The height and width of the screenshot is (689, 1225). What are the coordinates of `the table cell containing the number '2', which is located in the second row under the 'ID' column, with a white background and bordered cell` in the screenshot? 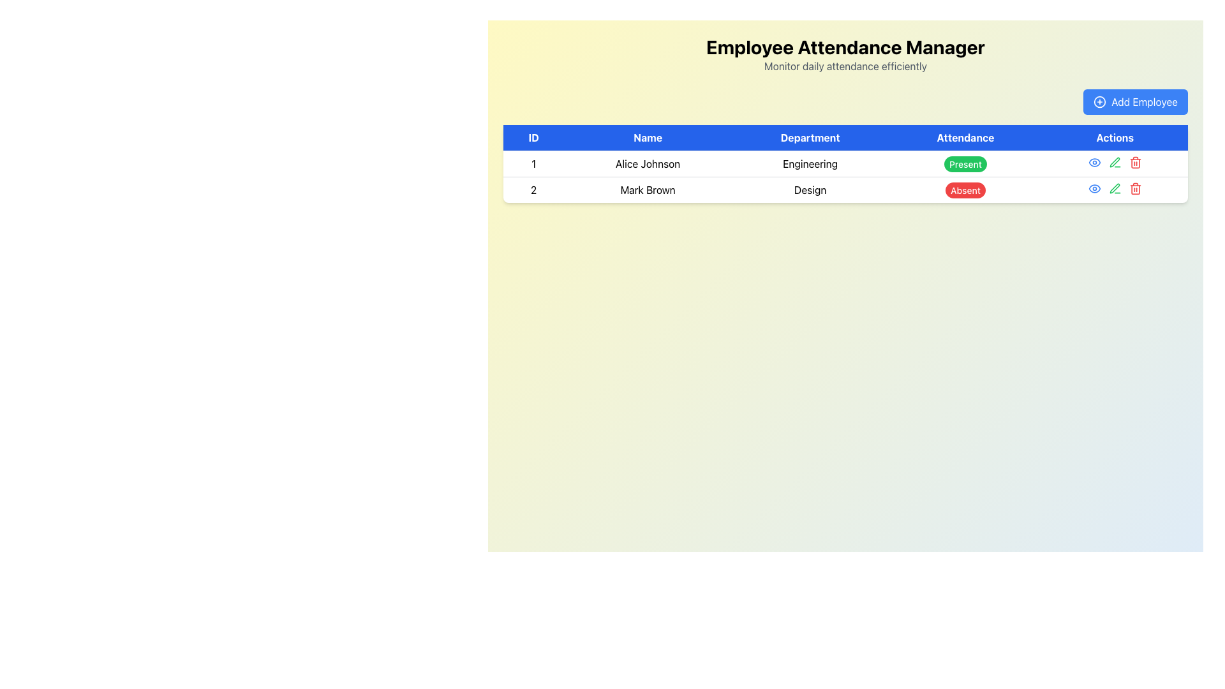 It's located at (533, 189).